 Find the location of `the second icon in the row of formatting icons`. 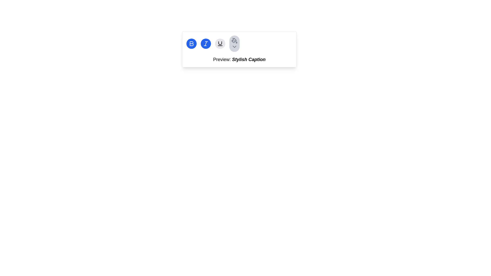

the second icon in the row of formatting icons is located at coordinates (206, 43).